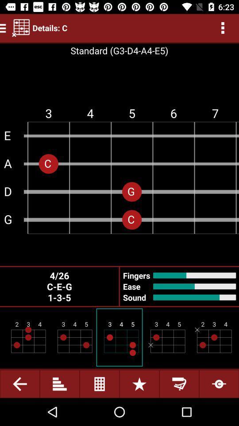 The image size is (239, 426). I want to click on the button which is on the bottom right corner of the page, so click(219, 384).